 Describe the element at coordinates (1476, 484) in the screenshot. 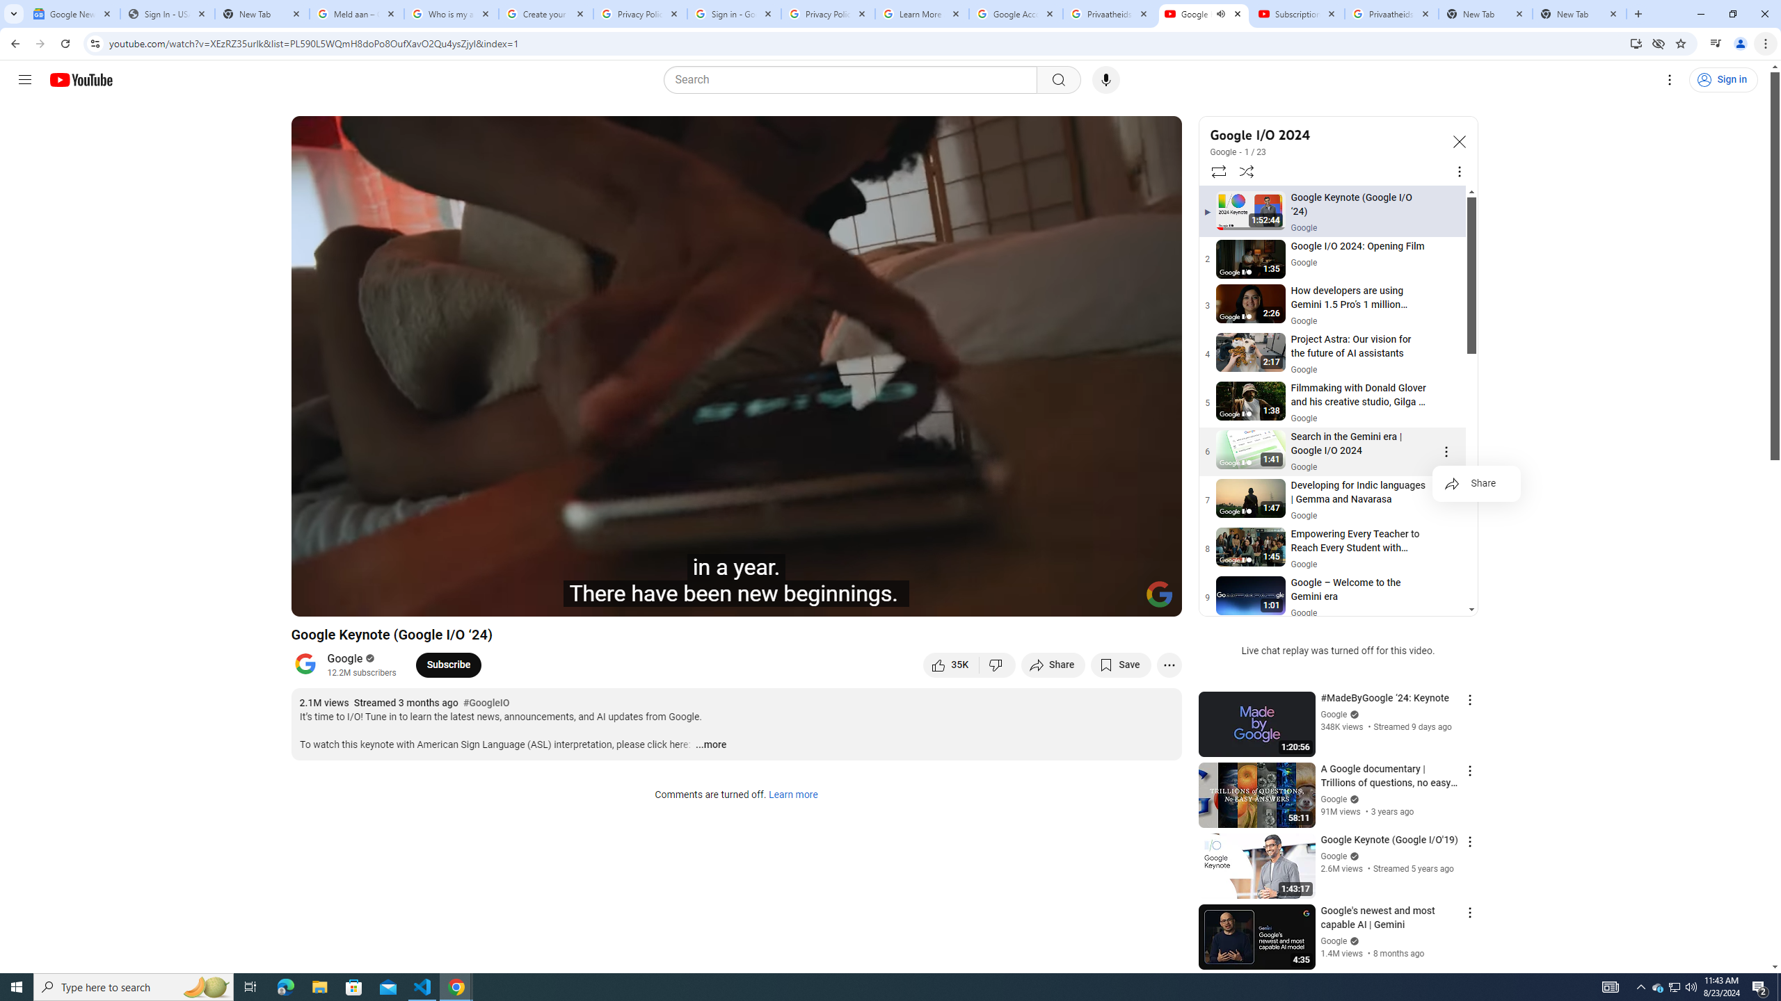

I see `'Share'` at that location.